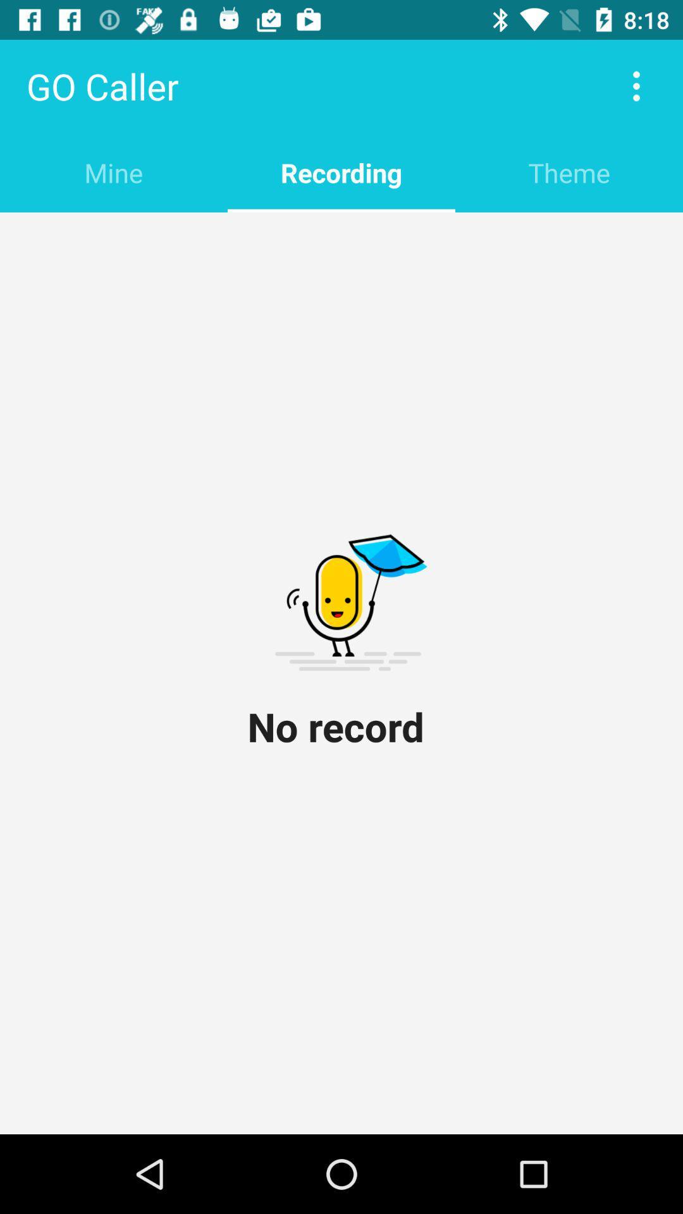 Image resolution: width=683 pixels, height=1214 pixels. I want to click on item to the left of recording item, so click(114, 172).